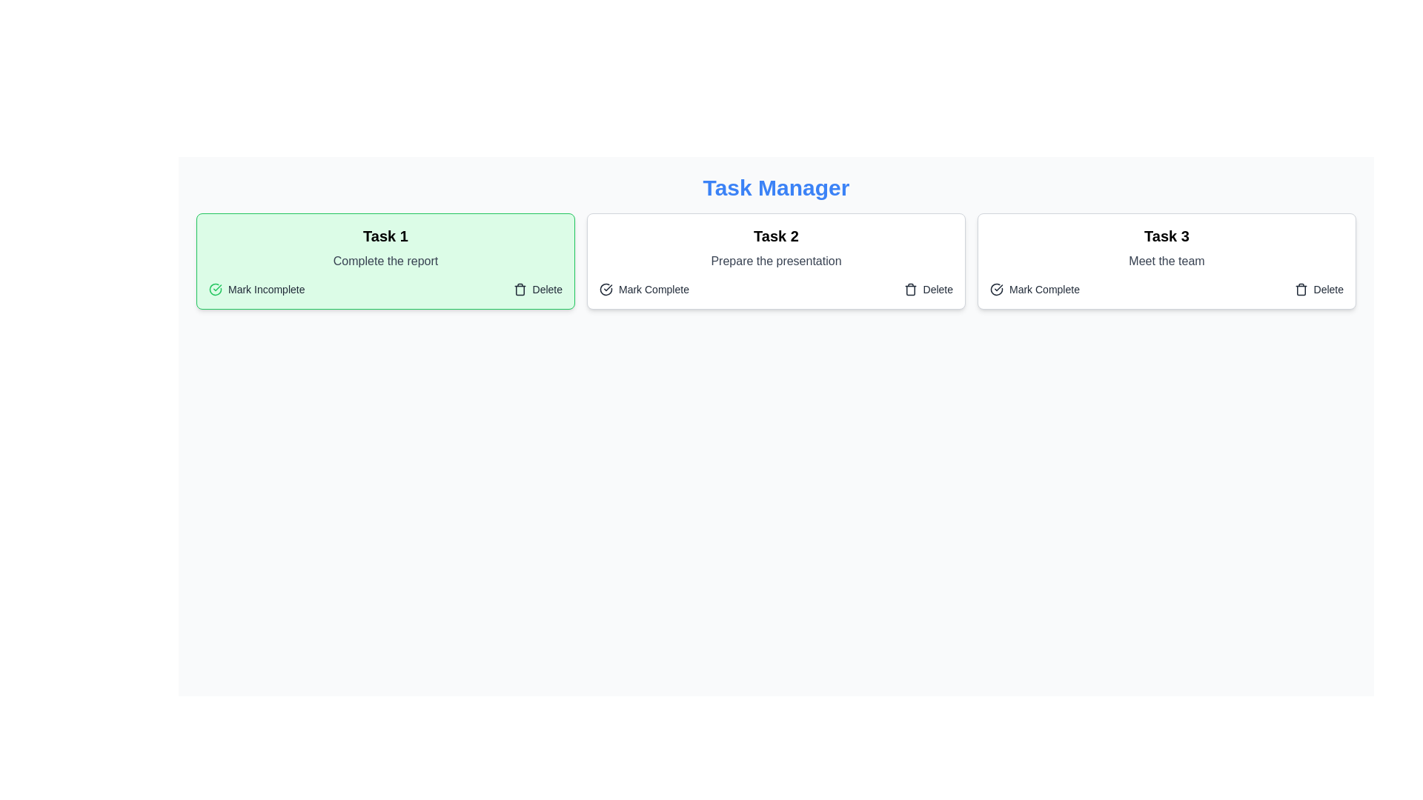  Describe the element at coordinates (1044, 289) in the screenshot. I see `label text 'Mark Complete' located inside the third task card labeled 'Task 3: Meet the team', positioned in the bottom-left corner of the card, to the right of a checkmark icon` at that location.